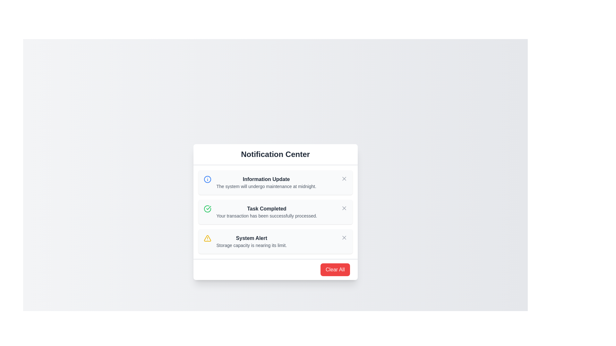 The height and width of the screenshot is (346, 616). Describe the element at coordinates (266, 183) in the screenshot. I see `the 'Information Update' text display element in the Notification Center, which consists of two lines of text, with the first line in bold and the second in a smaller font size` at that location.